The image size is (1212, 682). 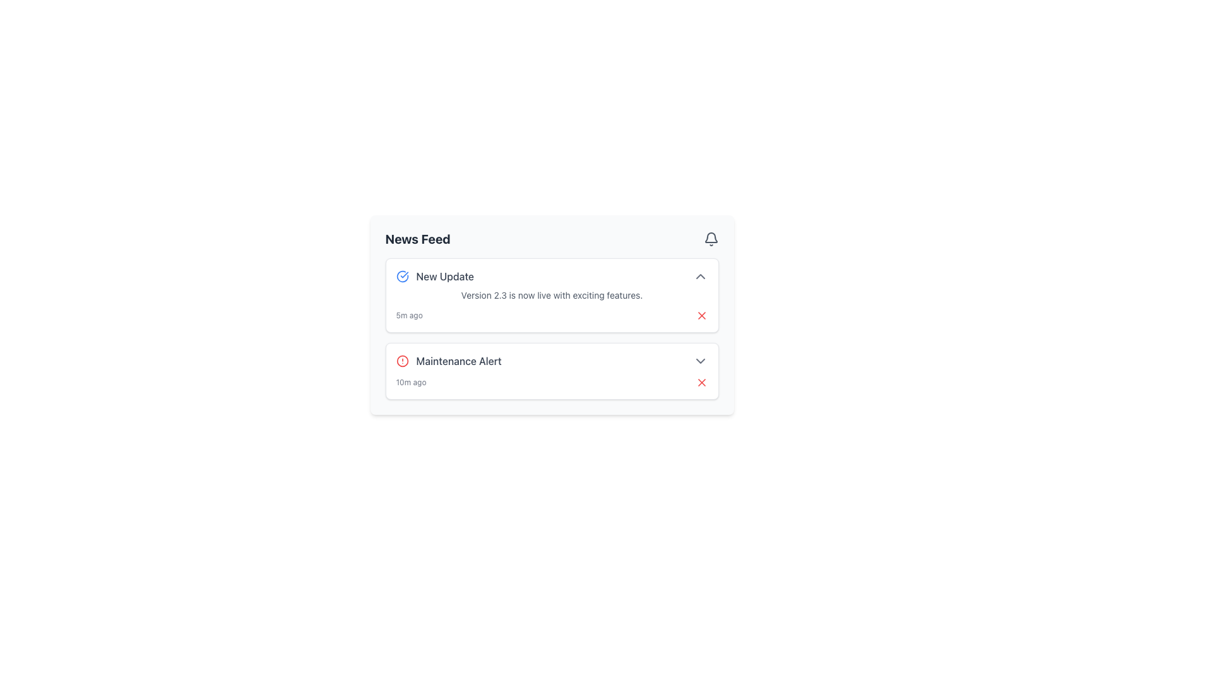 What do you see at coordinates (701, 381) in the screenshot?
I see `the button on the right side of the 'Maintenance Alert' notification` at bounding box center [701, 381].